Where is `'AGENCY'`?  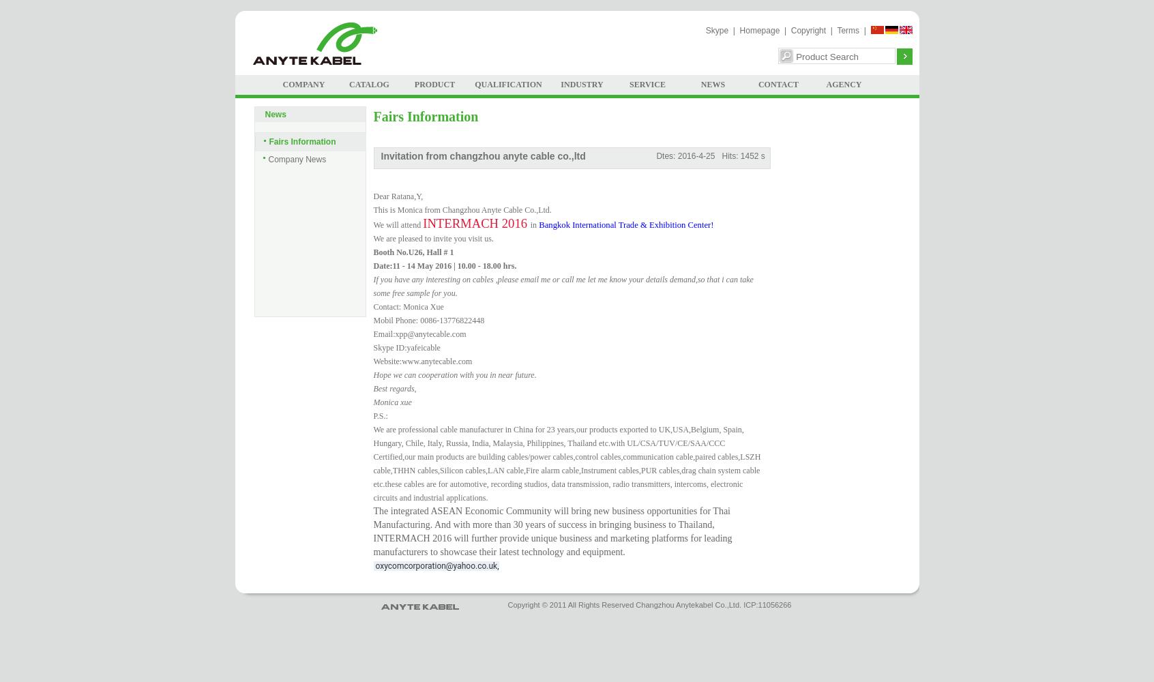 'AGENCY' is located at coordinates (844, 84).